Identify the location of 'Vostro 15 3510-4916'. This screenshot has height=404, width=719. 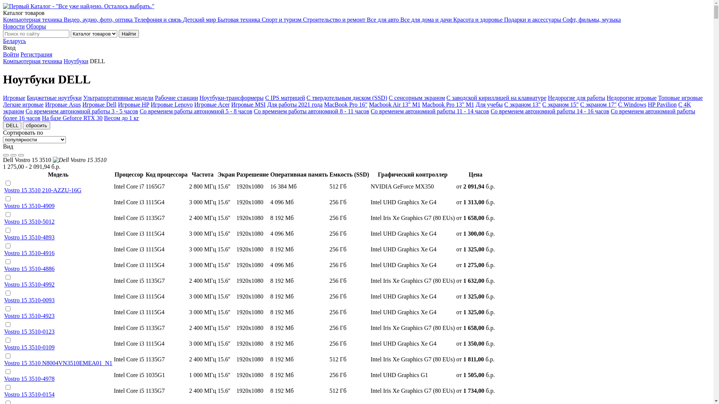
(29, 252).